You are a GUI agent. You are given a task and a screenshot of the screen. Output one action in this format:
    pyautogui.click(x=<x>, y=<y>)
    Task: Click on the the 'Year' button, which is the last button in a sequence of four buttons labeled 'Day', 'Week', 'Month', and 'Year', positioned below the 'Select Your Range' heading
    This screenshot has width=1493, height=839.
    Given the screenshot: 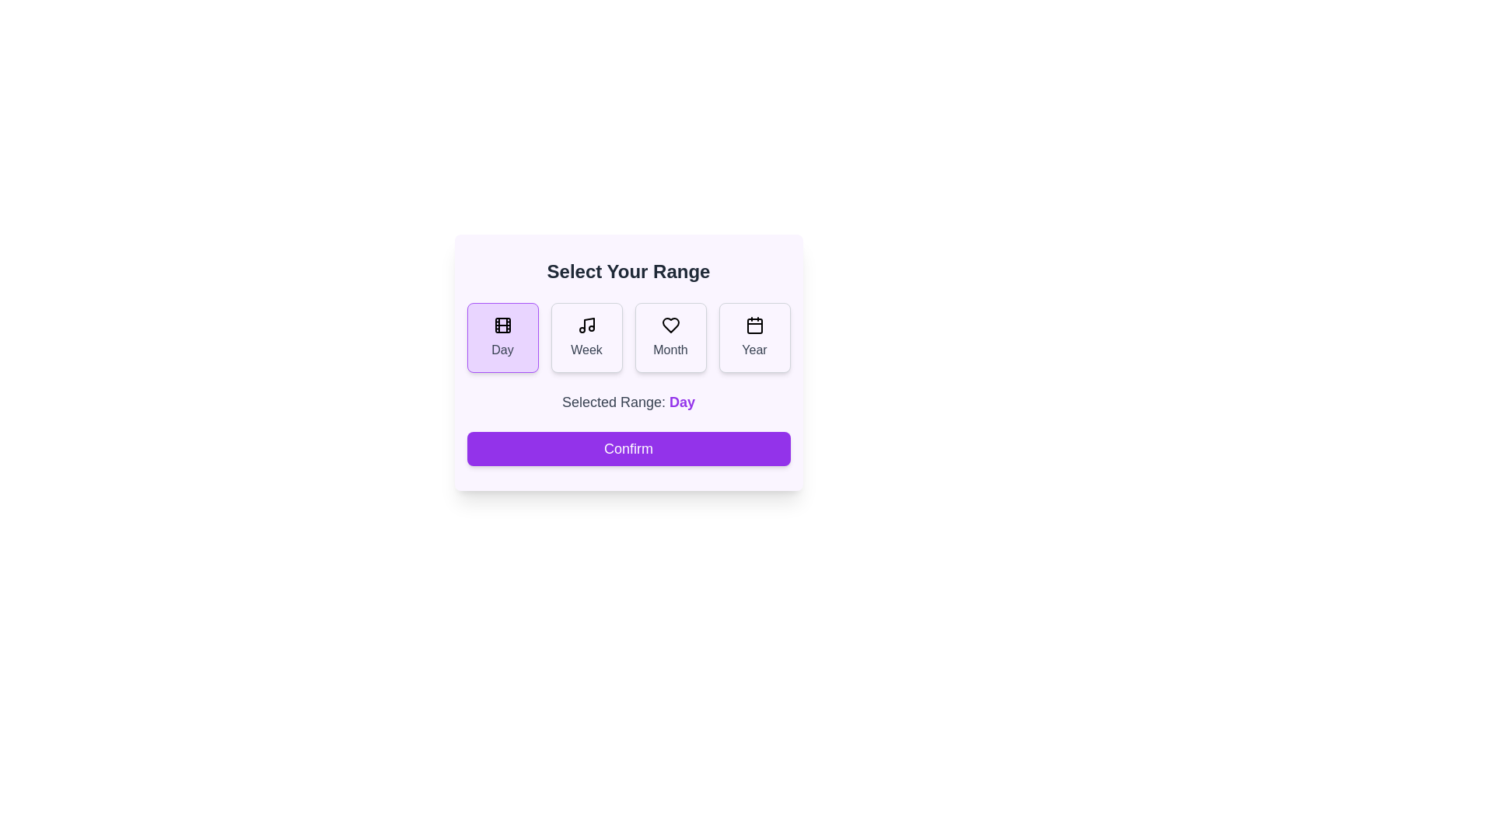 What is the action you would take?
    pyautogui.click(x=754, y=337)
    